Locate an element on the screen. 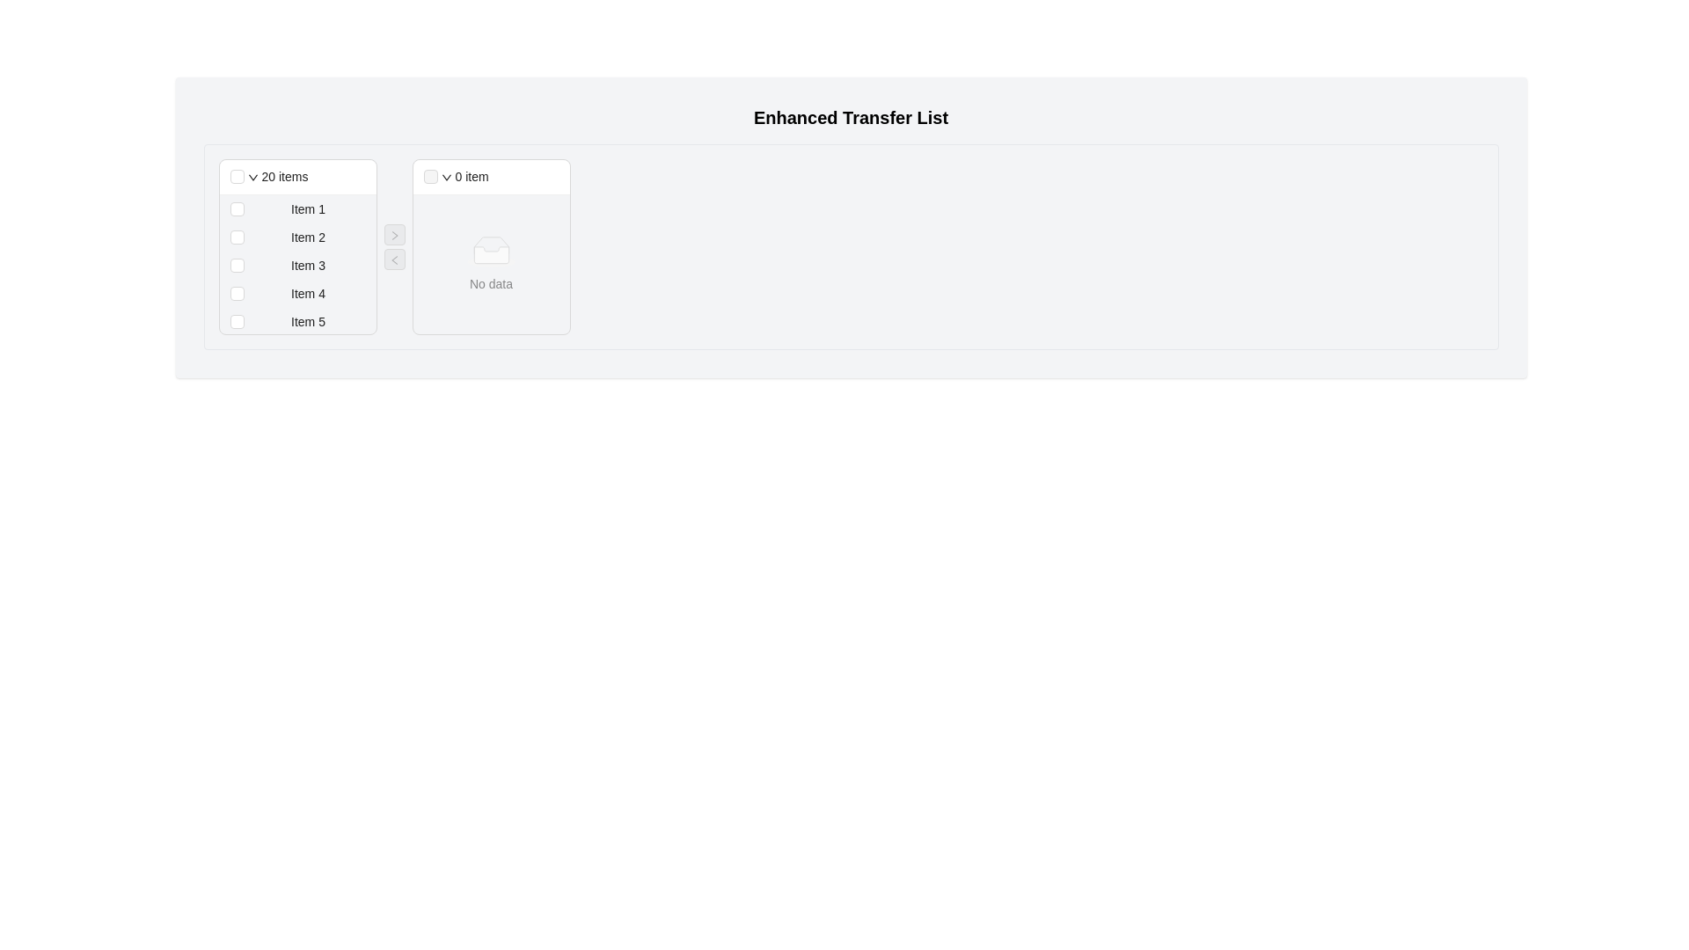 The width and height of the screenshot is (1689, 950). the checkbox for 'Item 5' is located at coordinates (236, 322).